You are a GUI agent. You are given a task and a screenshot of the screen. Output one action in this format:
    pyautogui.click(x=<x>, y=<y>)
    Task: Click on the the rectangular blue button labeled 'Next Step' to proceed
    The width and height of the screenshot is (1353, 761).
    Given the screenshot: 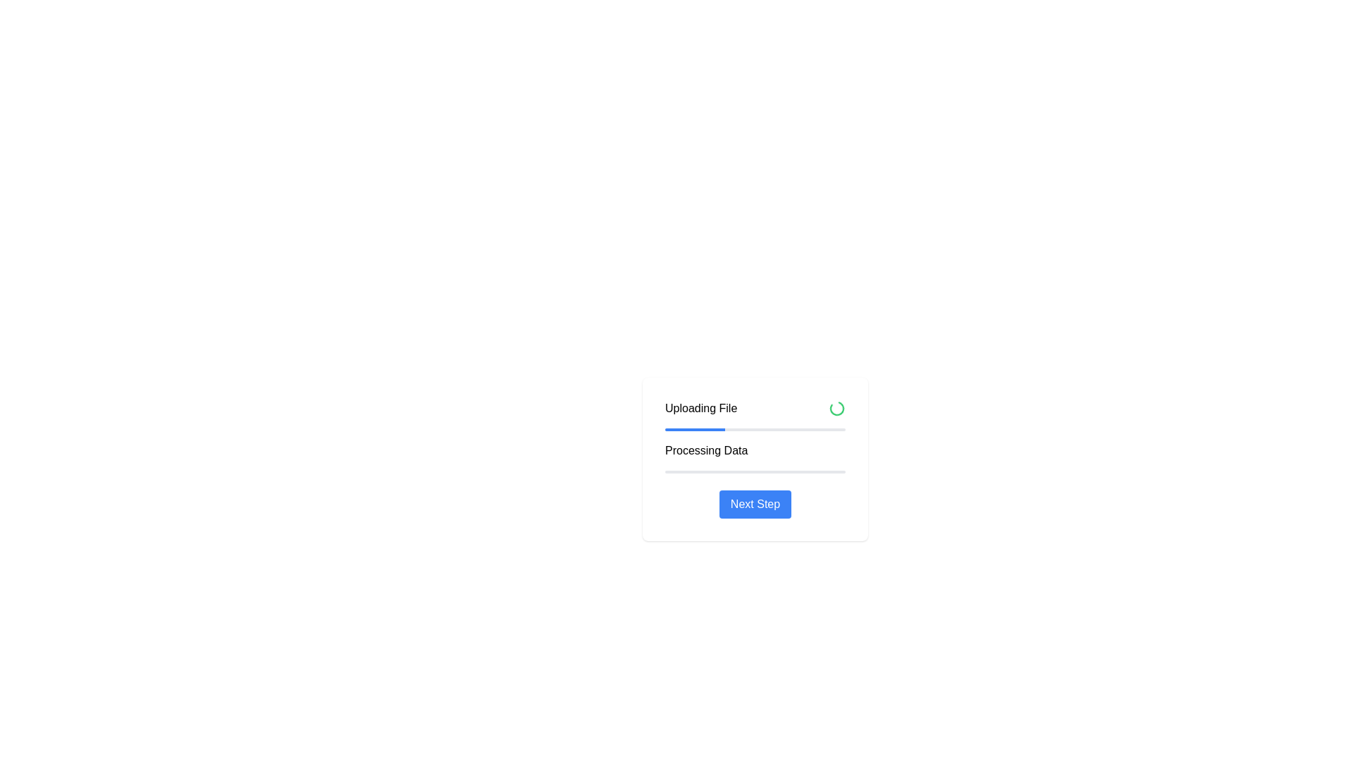 What is the action you would take?
    pyautogui.click(x=754, y=504)
    